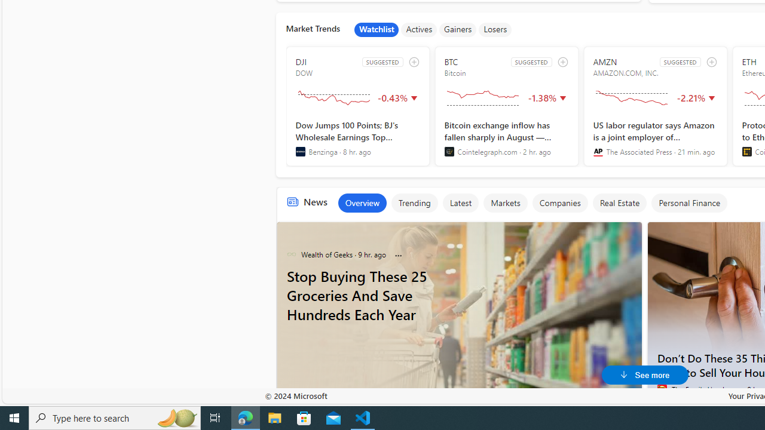 Image resolution: width=765 pixels, height=430 pixels. What do you see at coordinates (661, 389) in the screenshot?
I see `'The Family Handyman'` at bounding box center [661, 389].